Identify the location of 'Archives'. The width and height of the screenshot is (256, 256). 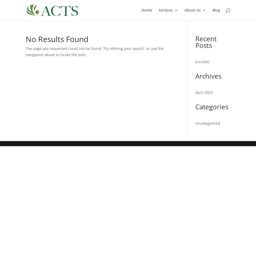
(208, 76).